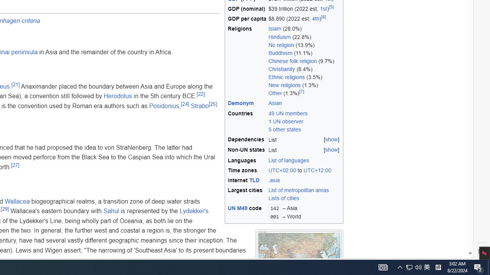 The image size is (490, 275). I want to click on 'UN M49 code', so click(247, 212).